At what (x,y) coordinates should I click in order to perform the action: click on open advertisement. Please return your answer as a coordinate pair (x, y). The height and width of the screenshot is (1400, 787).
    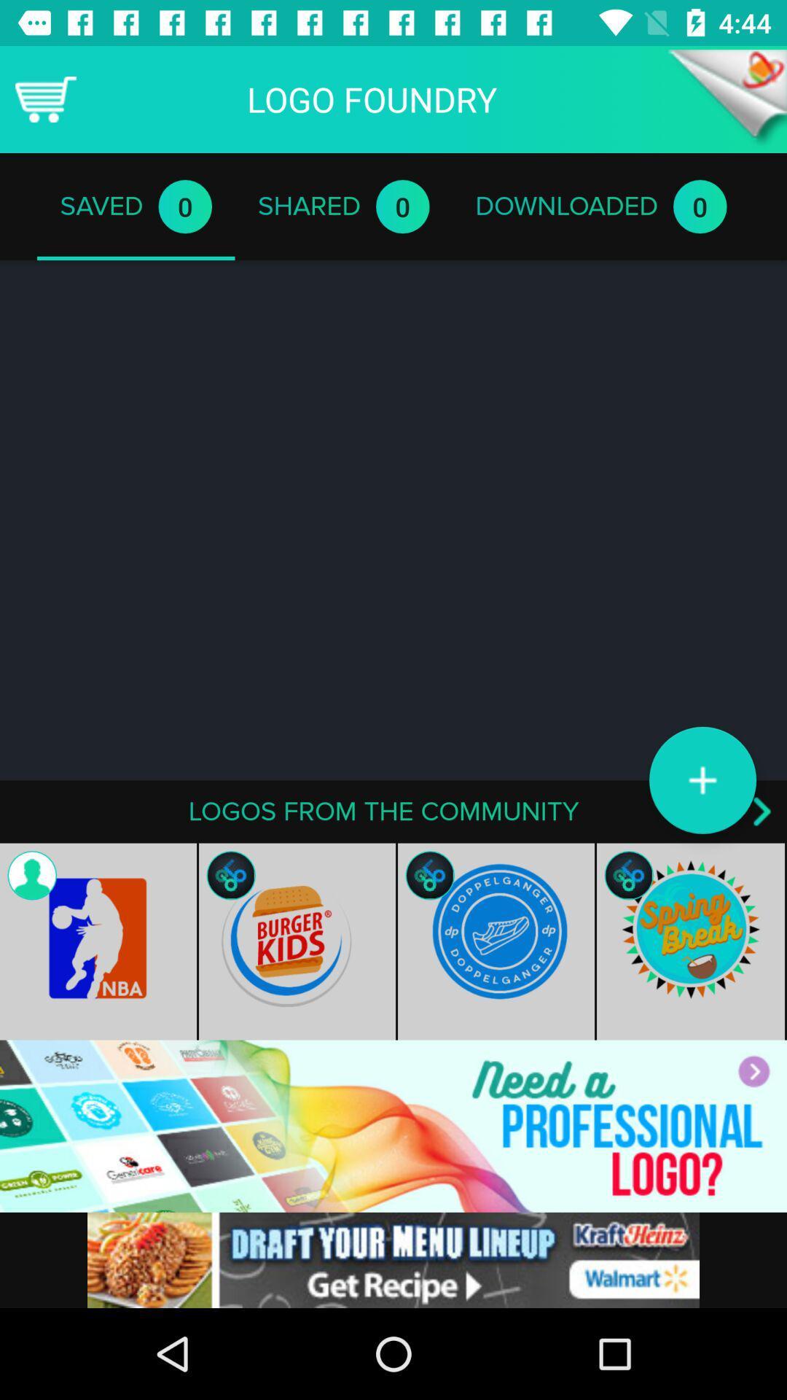
    Looking at the image, I should click on (393, 1125).